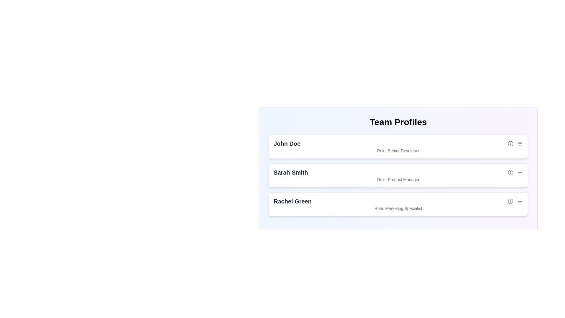 The image size is (565, 318). What do you see at coordinates (510, 172) in the screenshot?
I see `the information button located in the top-right corner of the second row of the 'Team Profiles' list, next to the 'Sarah Smith' entry labeled as 'Role: Product Manager'` at bounding box center [510, 172].